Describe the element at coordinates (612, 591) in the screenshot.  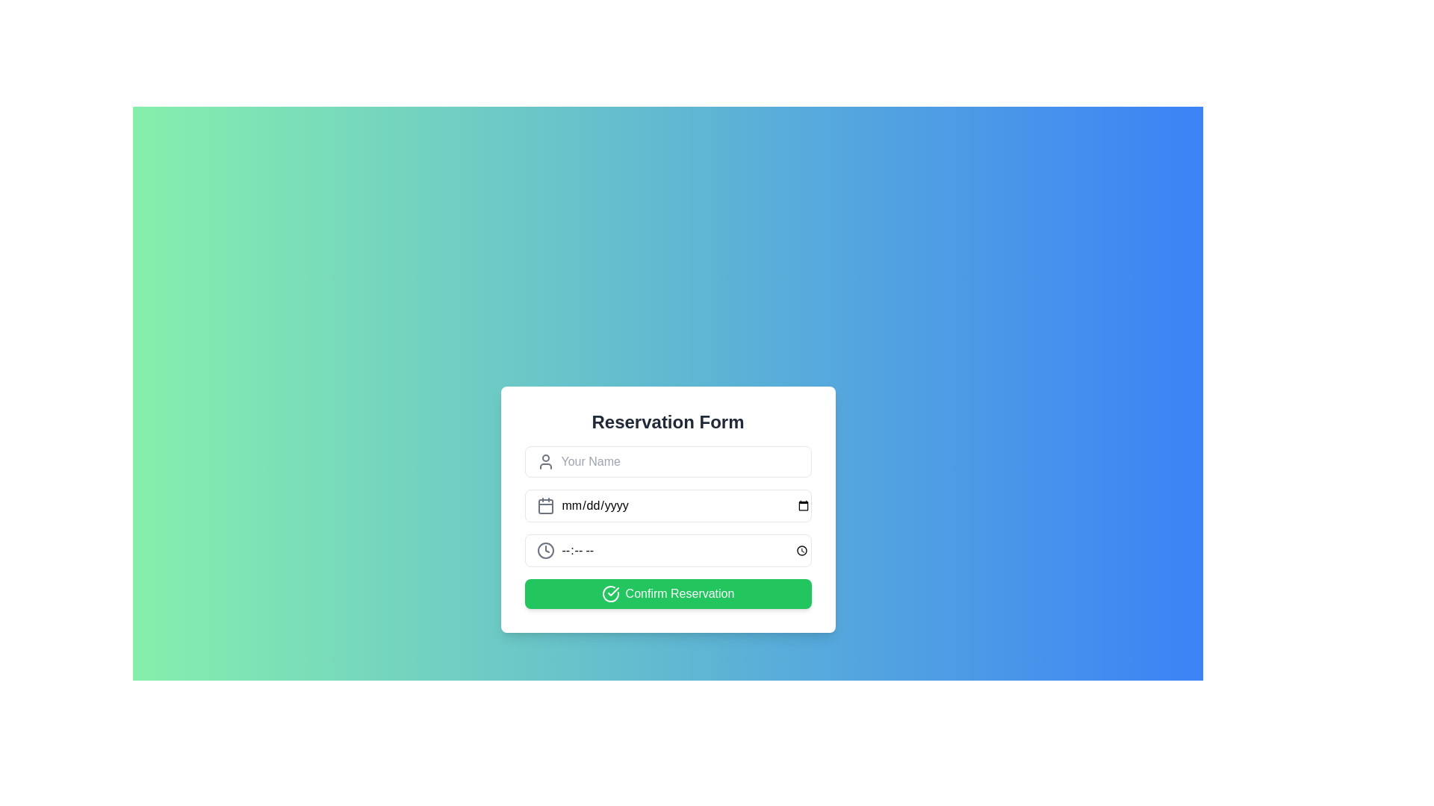
I see `the graphical checkmark icon positioned within a circle, which is part of the confirmation button labeled 'Confirm Reservation'` at that location.